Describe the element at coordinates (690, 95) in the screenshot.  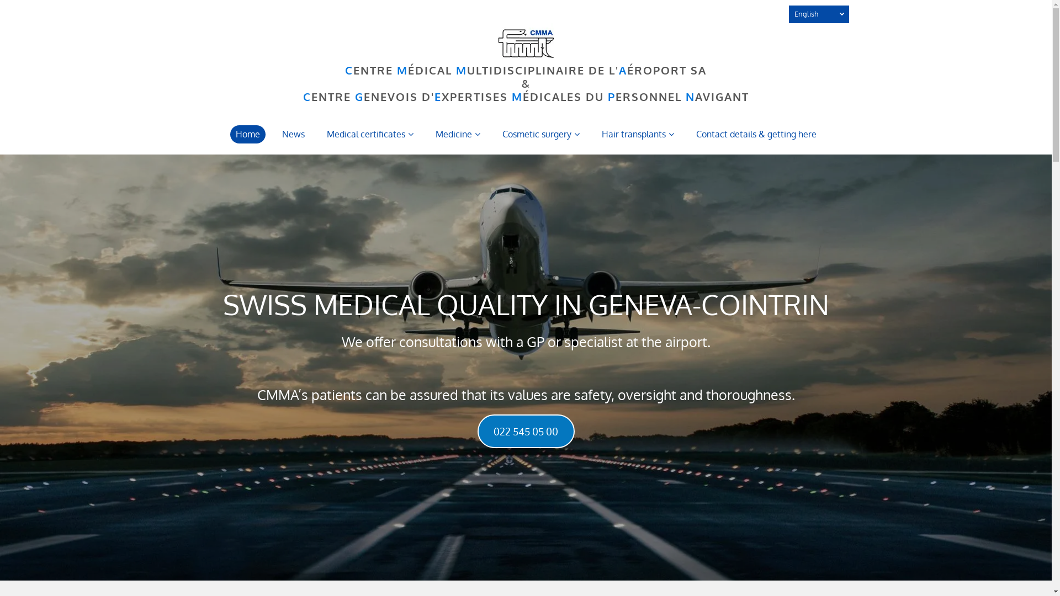
I see `'N'` at that location.